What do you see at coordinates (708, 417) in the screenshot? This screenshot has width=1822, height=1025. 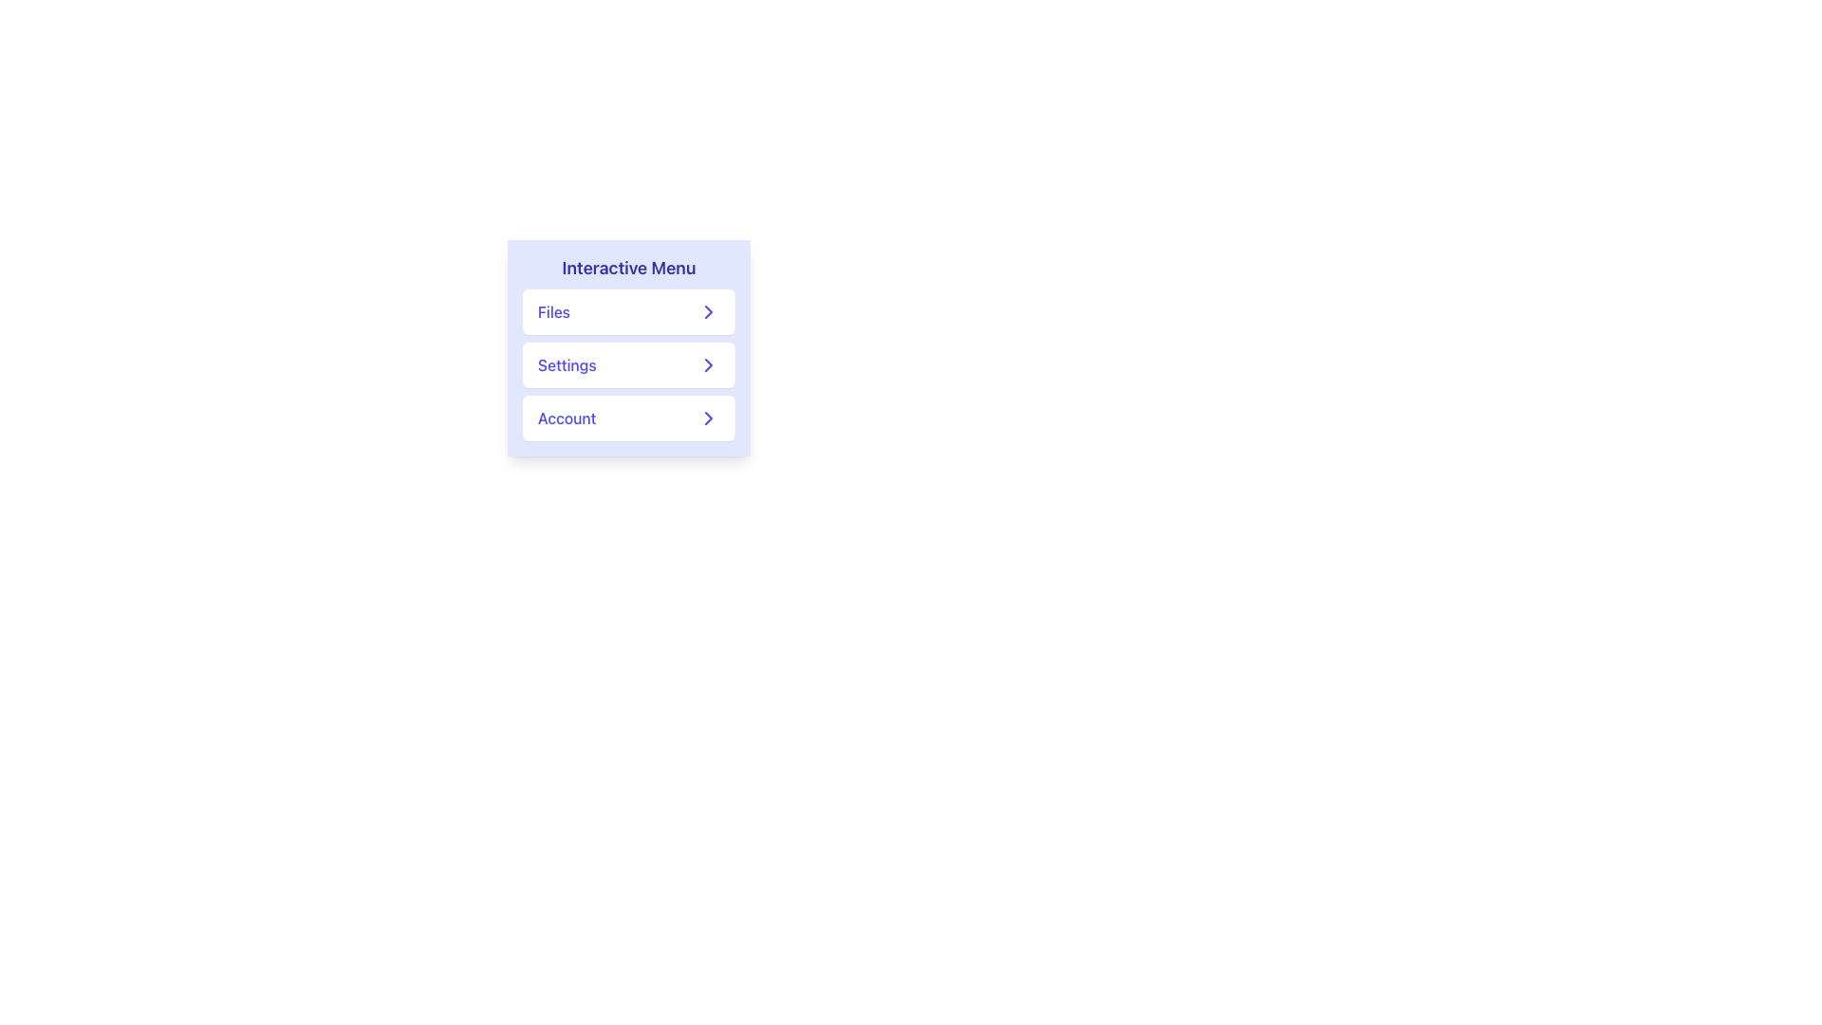 I see `the right-pointing chevron icon located on the far-right side of the 'Account' button` at bounding box center [708, 417].